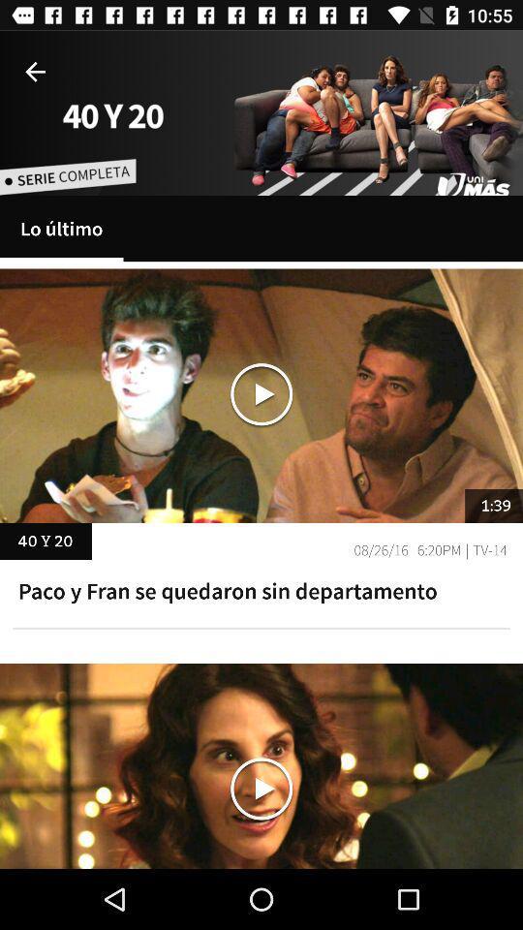  What do you see at coordinates (35, 72) in the screenshot?
I see `go back` at bounding box center [35, 72].